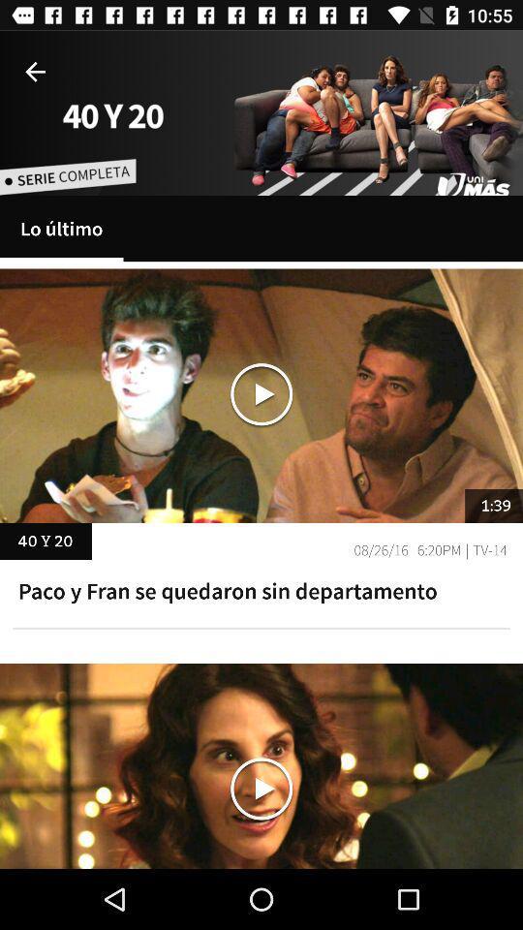  What do you see at coordinates (35, 72) in the screenshot?
I see `go back` at bounding box center [35, 72].